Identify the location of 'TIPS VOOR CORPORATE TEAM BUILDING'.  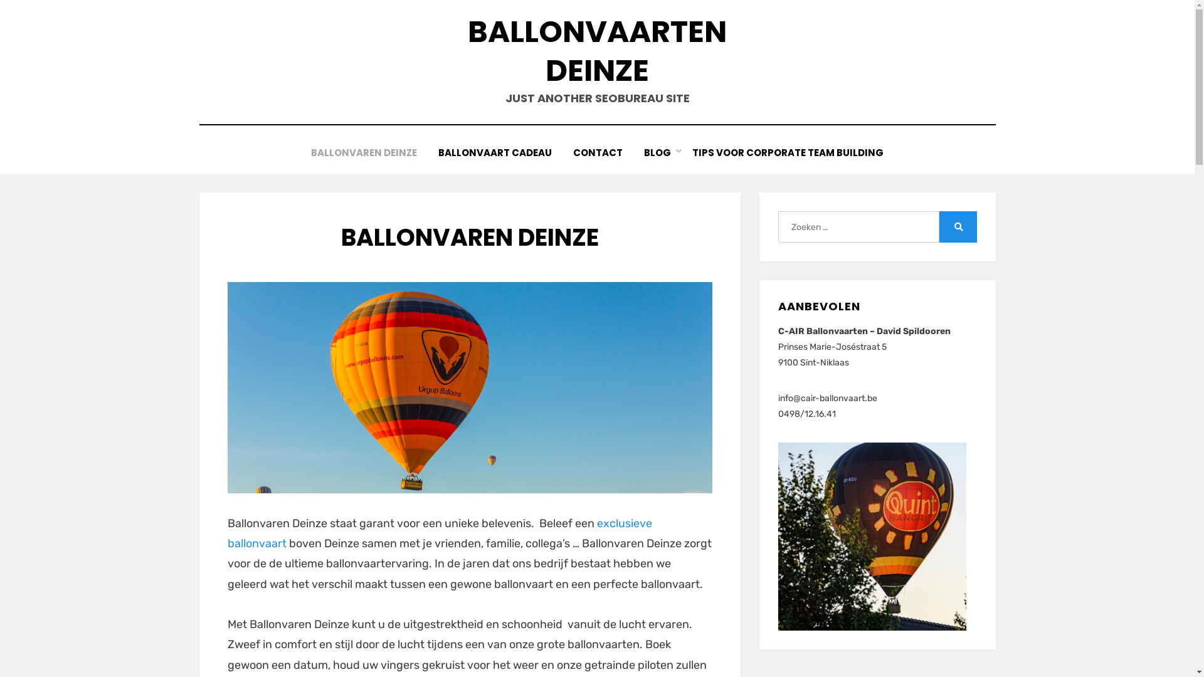
(787, 152).